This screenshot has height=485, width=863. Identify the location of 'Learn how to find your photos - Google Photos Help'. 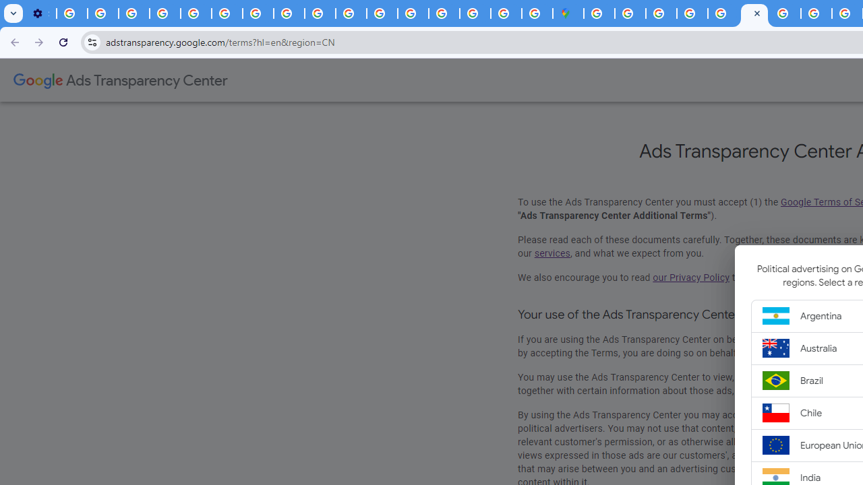
(102, 13).